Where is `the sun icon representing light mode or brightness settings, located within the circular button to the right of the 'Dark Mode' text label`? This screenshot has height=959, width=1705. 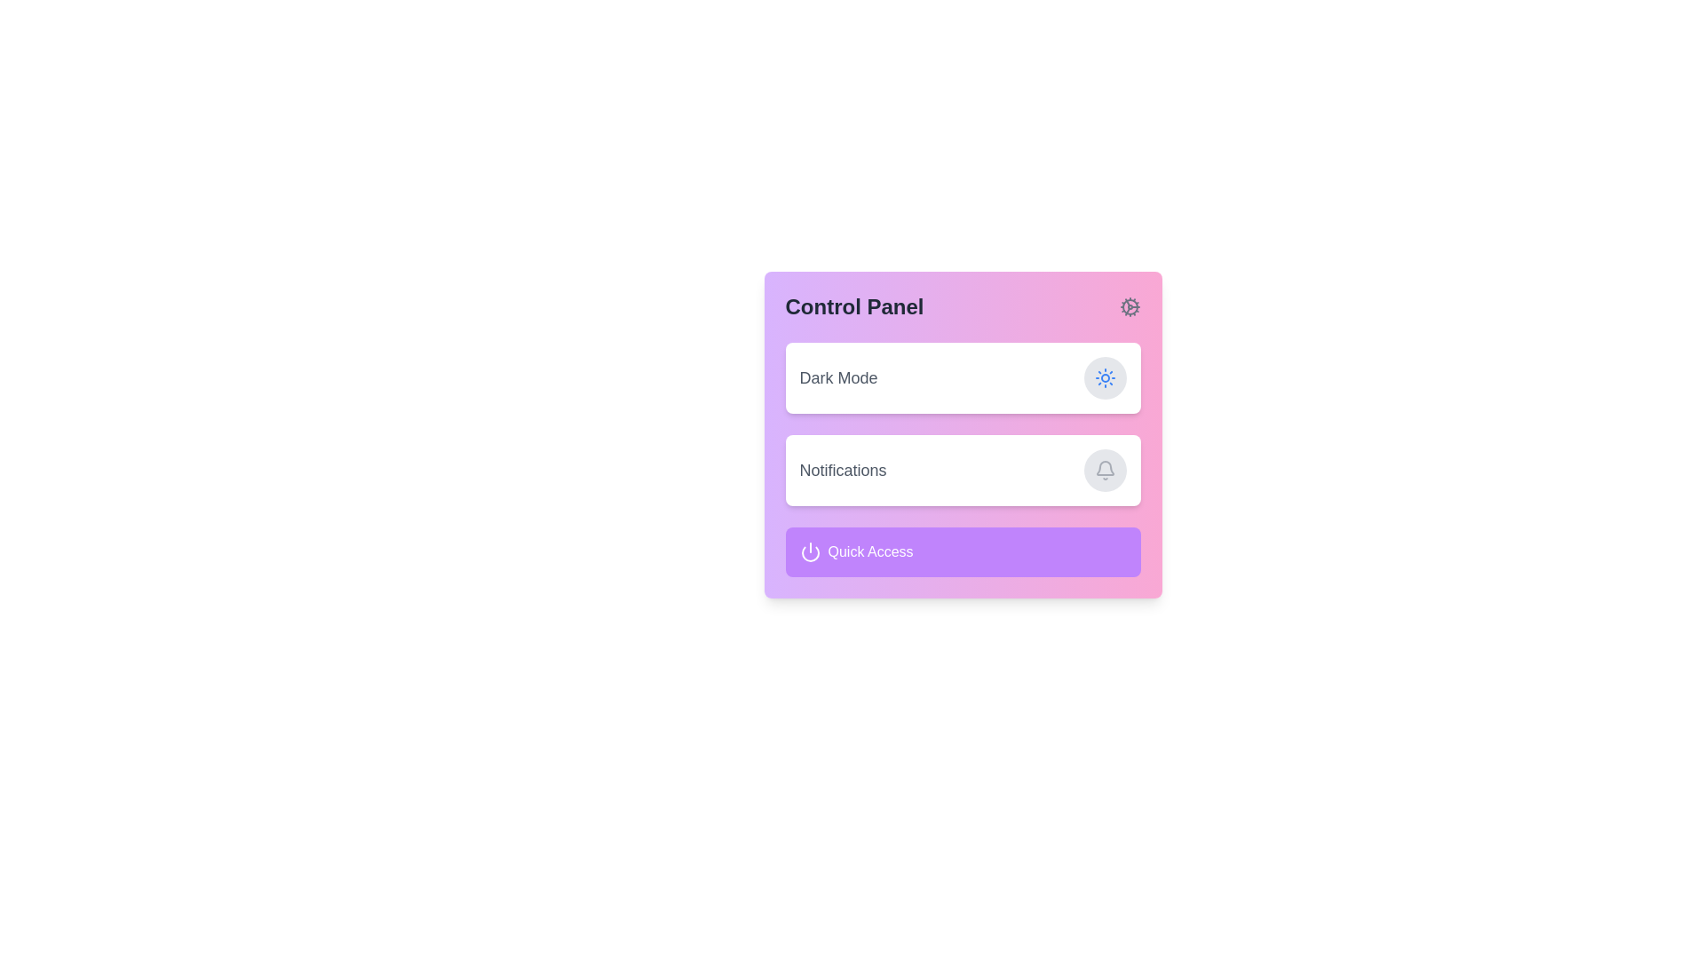 the sun icon representing light mode or brightness settings, located within the circular button to the right of the 'Dark Mode' text label is located at coordinates (1104, 376).